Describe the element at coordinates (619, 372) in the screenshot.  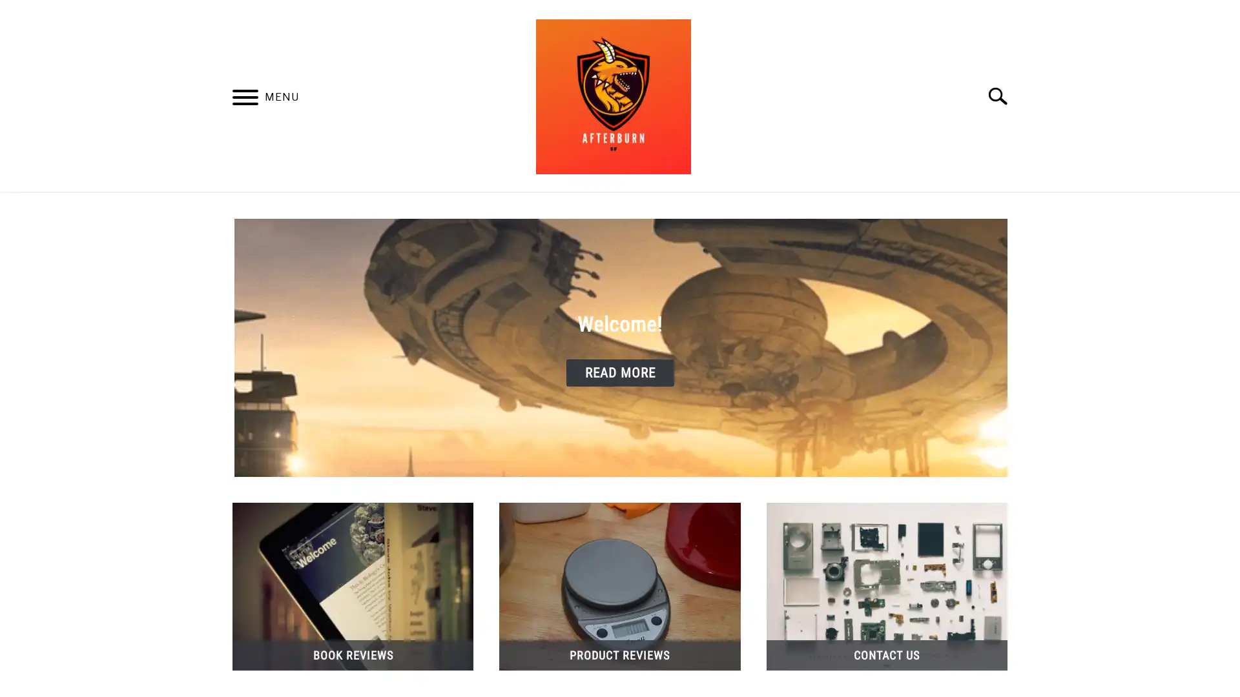
I see `READ MORE` at that location.